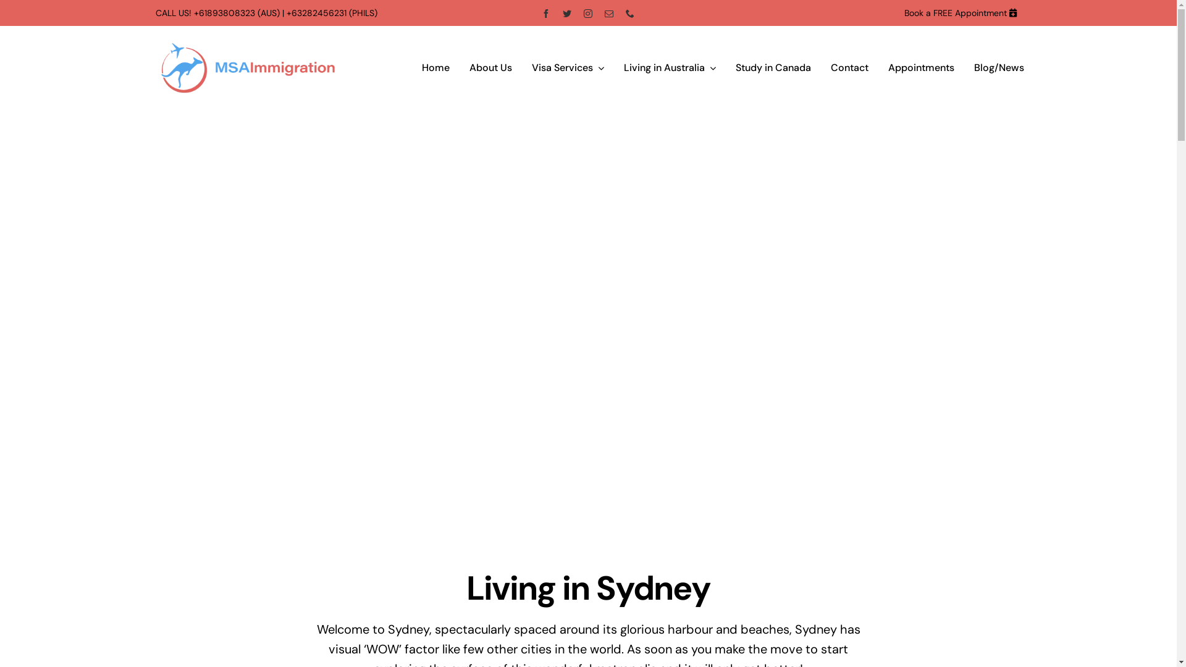 This screenshot has height=667, width=1186. Describe the element at coordinates (954, 12) in the screenshot. I see `'Book a FREE Appointment'` at that location.